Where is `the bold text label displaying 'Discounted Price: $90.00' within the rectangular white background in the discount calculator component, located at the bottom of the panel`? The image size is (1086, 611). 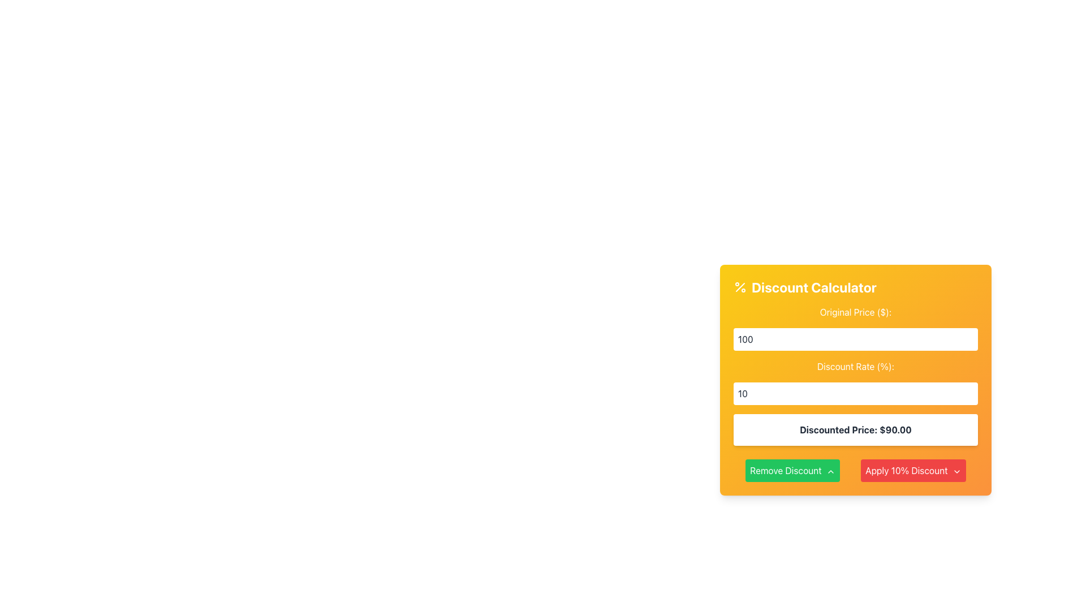 the bold text label displaying 'Discounted Price: $90.00' within the rectangular white background in the discount calculator component, located at the bottom of the panel is located at coordinates (855, 429).